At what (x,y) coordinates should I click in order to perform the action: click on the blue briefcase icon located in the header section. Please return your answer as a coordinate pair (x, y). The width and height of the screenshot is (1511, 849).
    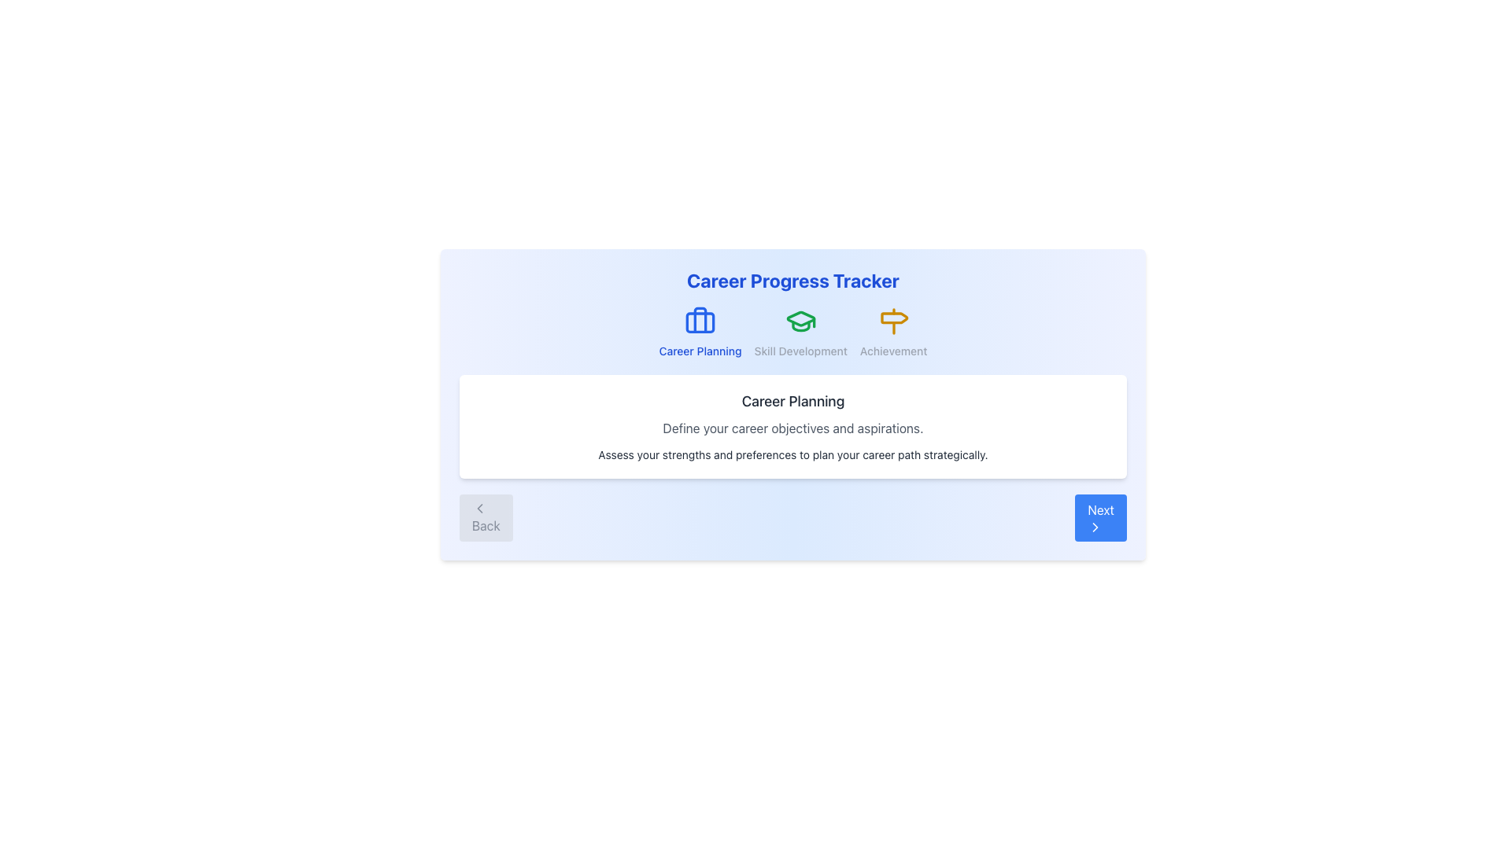
    Looking at the image, I should click on (699, 319).